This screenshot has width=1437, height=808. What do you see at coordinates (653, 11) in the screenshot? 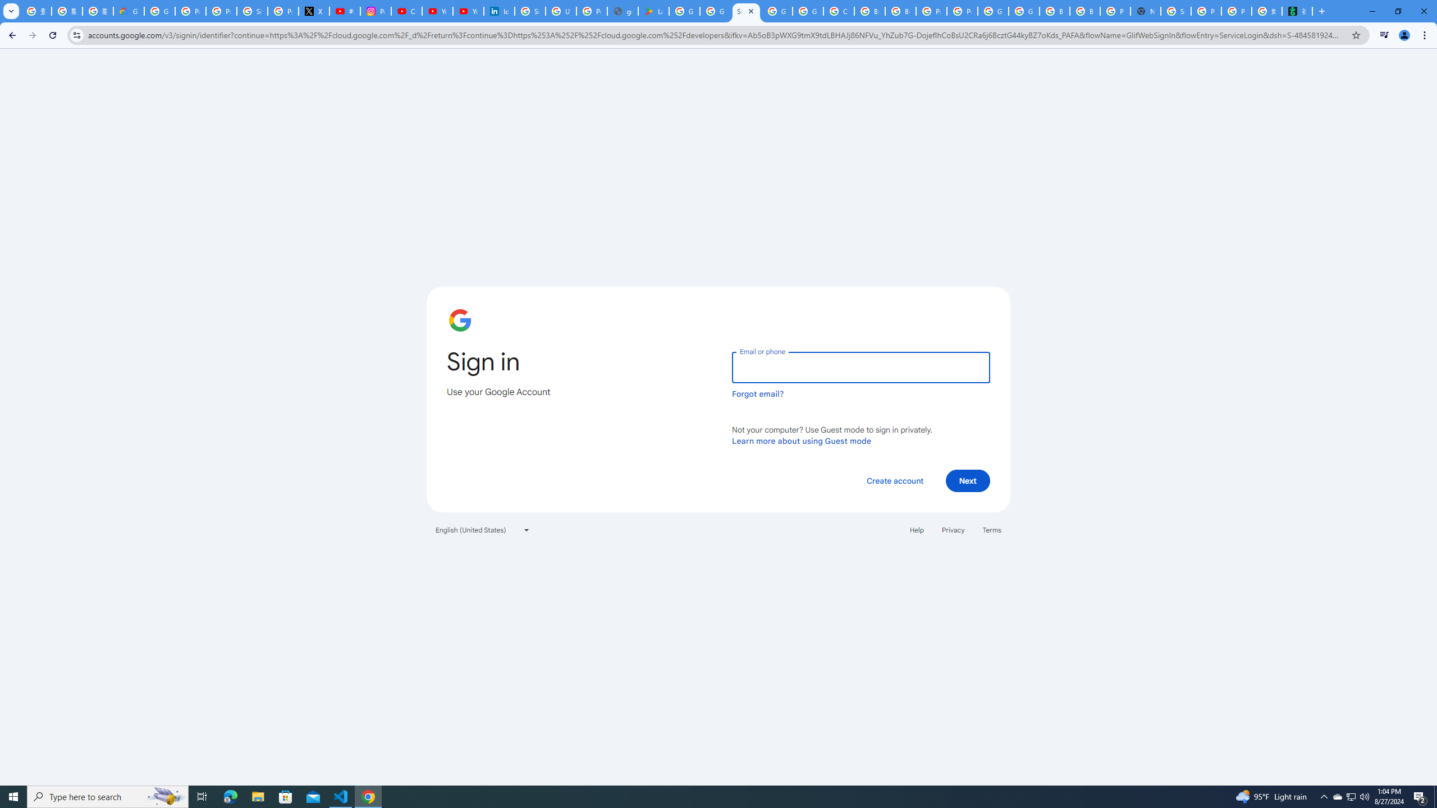
I see `'Last Shelter: Survival - Apps on Google Play'` at bounding box center [653, 11].